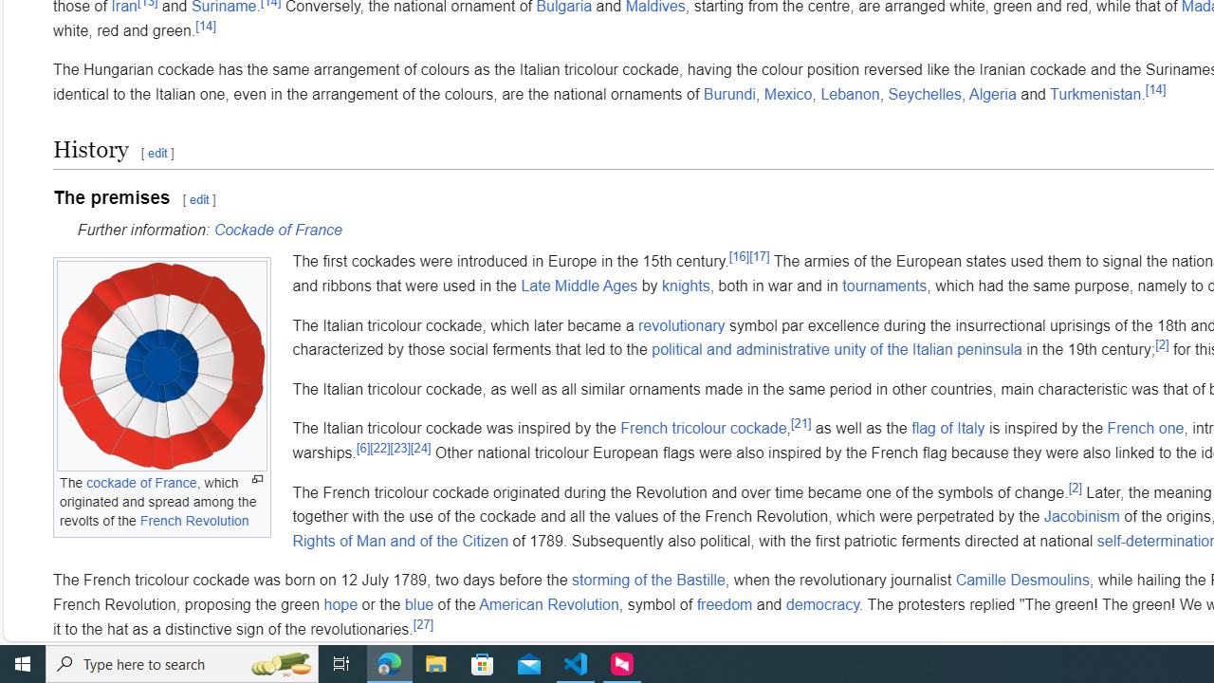  What do you see at coordinates (648, 580) in the screenshot?
I see `'storming of the Bastille'` at bounding box center [648, 580].